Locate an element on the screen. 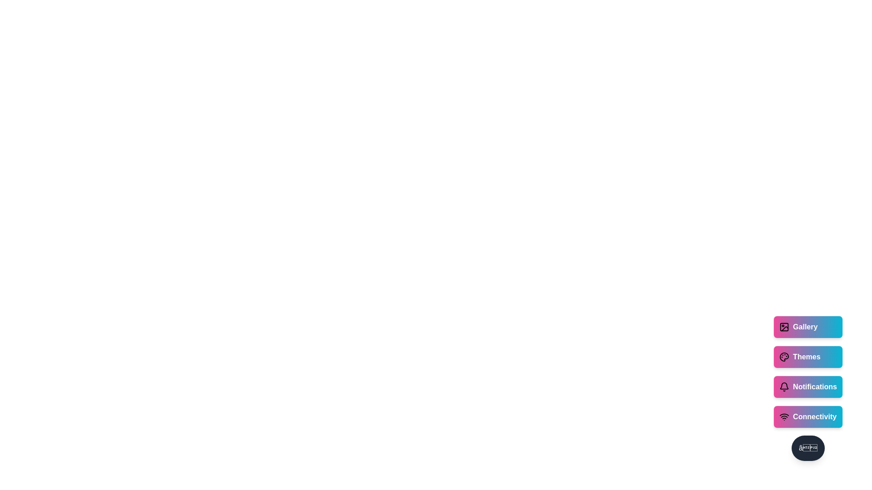  the 'Connectivity' button with a gradient background and Wi-Fi icon is located at coordinates (808, 416).